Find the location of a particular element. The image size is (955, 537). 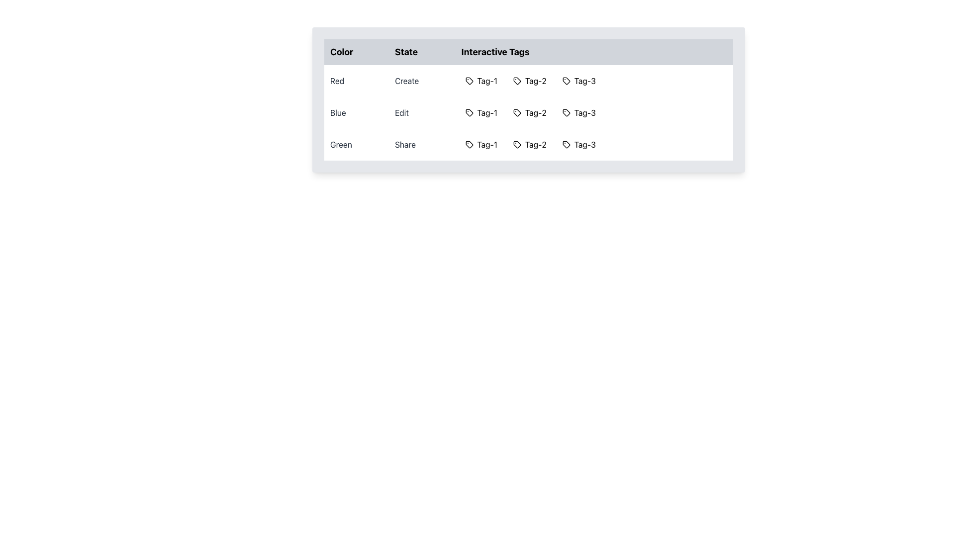

the third tag icon in the 'Interactive Tags' column of the row with the 'Share' state is located at coordinates (566, 144).